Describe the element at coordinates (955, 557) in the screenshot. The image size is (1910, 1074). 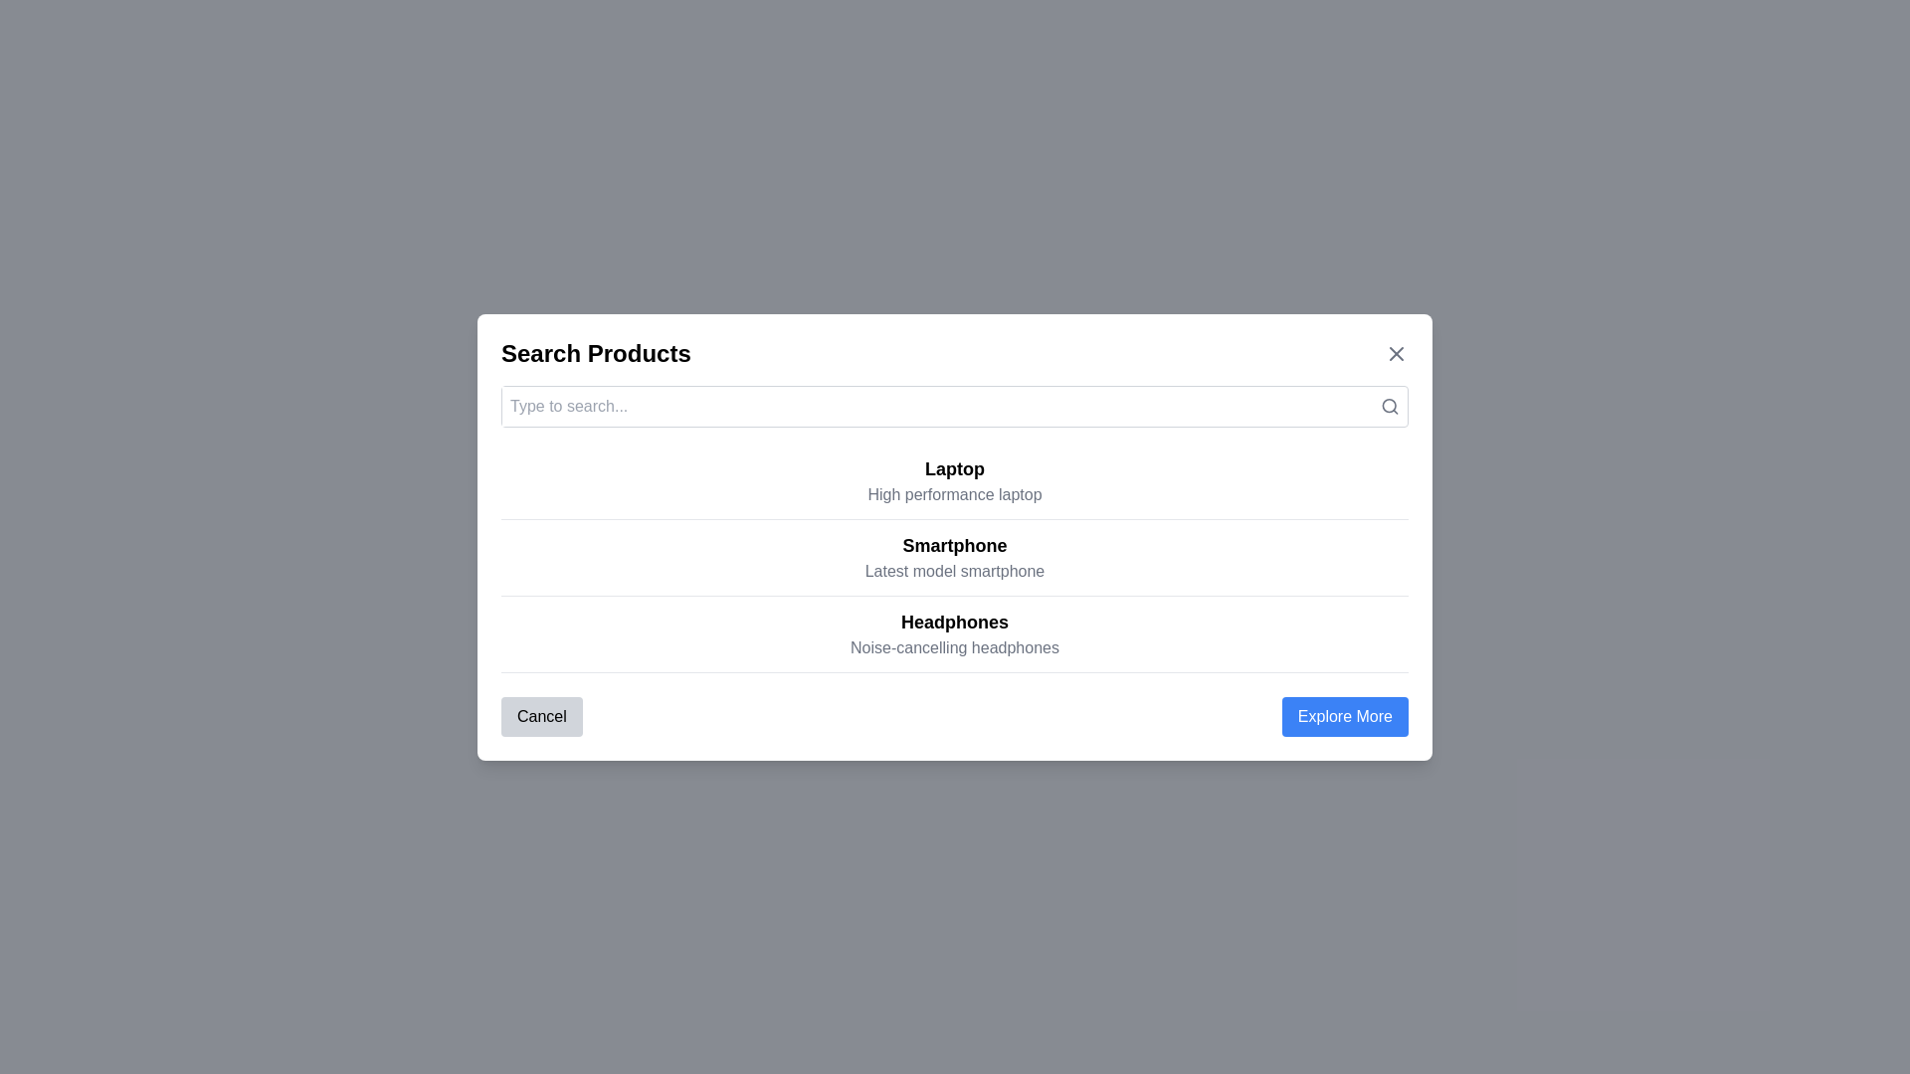
I see `the text block titled 'Smartphone', which features a bold title and a smaller subtitle, centrally aligned in the viewport` at that location.